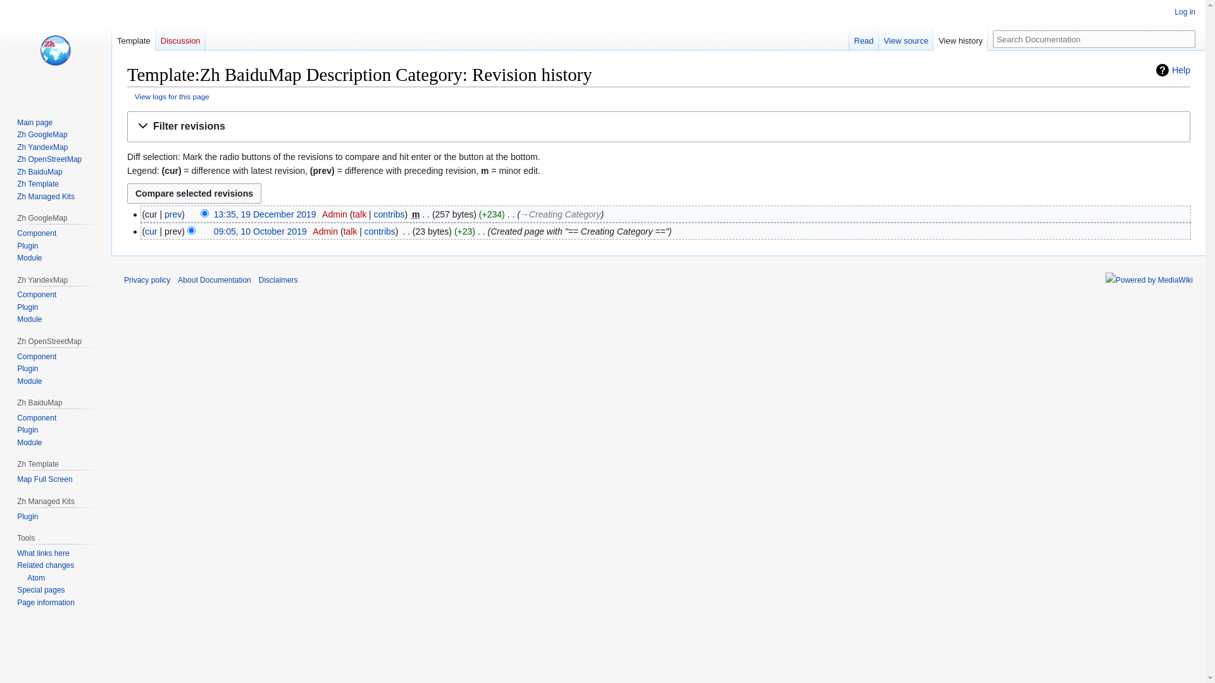 The width and height of the screenshot is (1215, 683). Describe the element at coordinates (1093, 38) in the screenshot. I see `'Search Documentation [alt-shift-f]'` at that location.